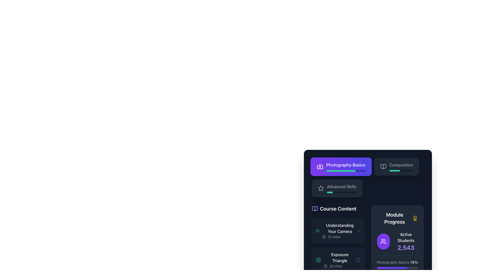 This screenshot has height=272, width=483. Describe the element at coordinates (345, 165) in the screenshot. I see `the text label indicating 'Photography Basics', which is located at the top of a purple rectangular box in the far-left section of a group with 'Composition' and 'Advanced Skills'` at that location.